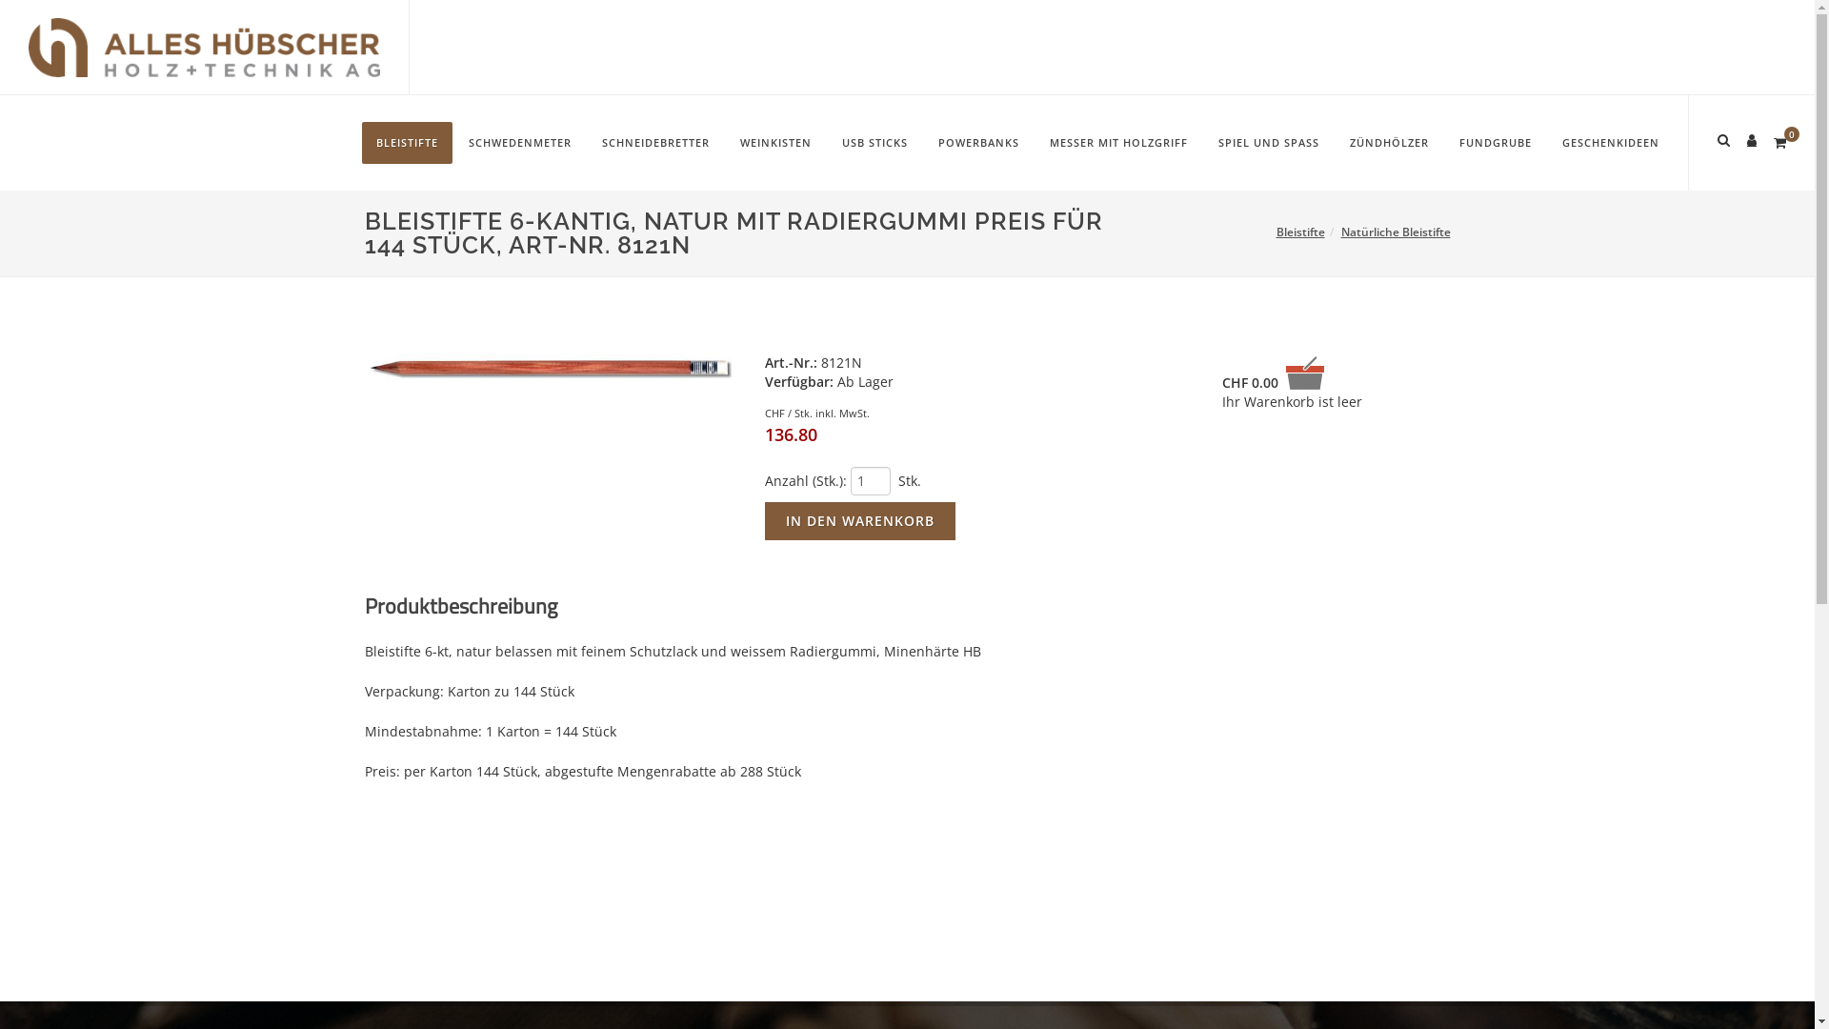  I want to click on 'WEINKISTEN', so click(775, 142).